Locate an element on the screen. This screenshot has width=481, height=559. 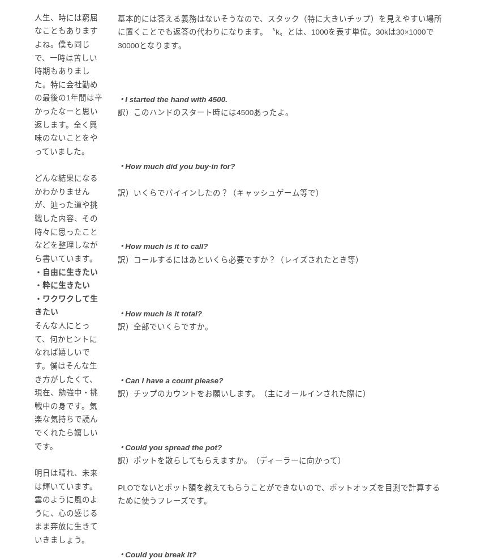
'PLOでないとポット額を教えてもらうことができないので、ポットオッズを目測で計算するために使うフレーズです。' is located at coordinates (117, 493).